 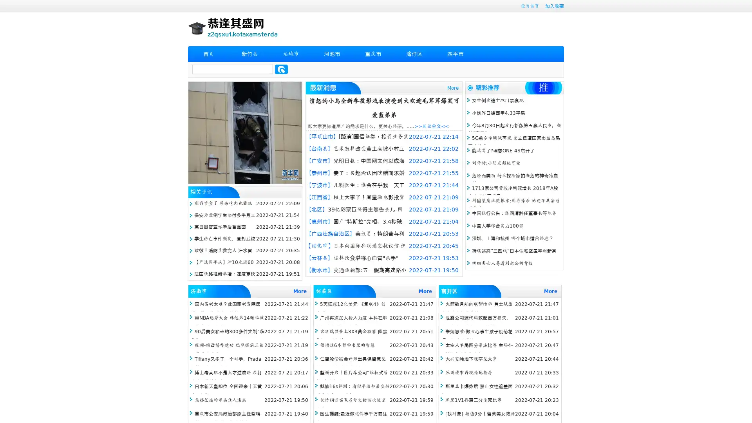 What do you see at coordinates (281, 69) in the screenshot?
I see `Search` at bounding box center [281, 69].